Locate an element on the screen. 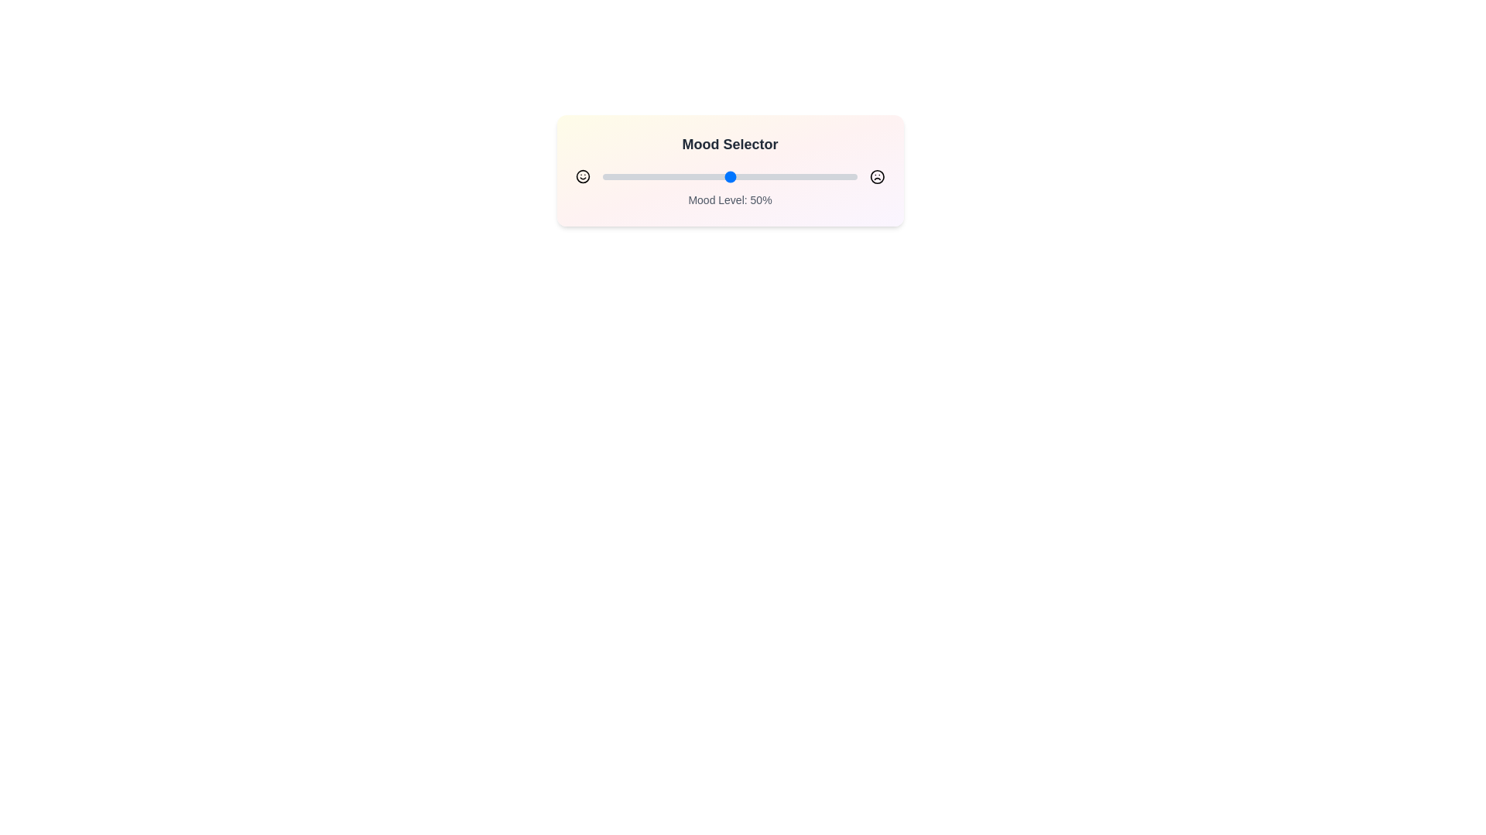  the mood slider to set the mood level to 83 is located at coordinates (813, 176).